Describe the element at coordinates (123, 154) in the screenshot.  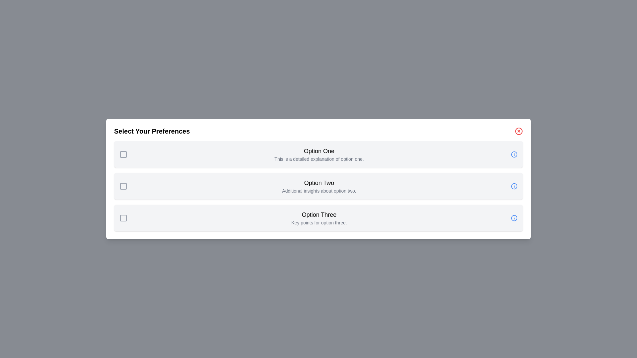
I see `the 'Option One' checkbox` at that location.